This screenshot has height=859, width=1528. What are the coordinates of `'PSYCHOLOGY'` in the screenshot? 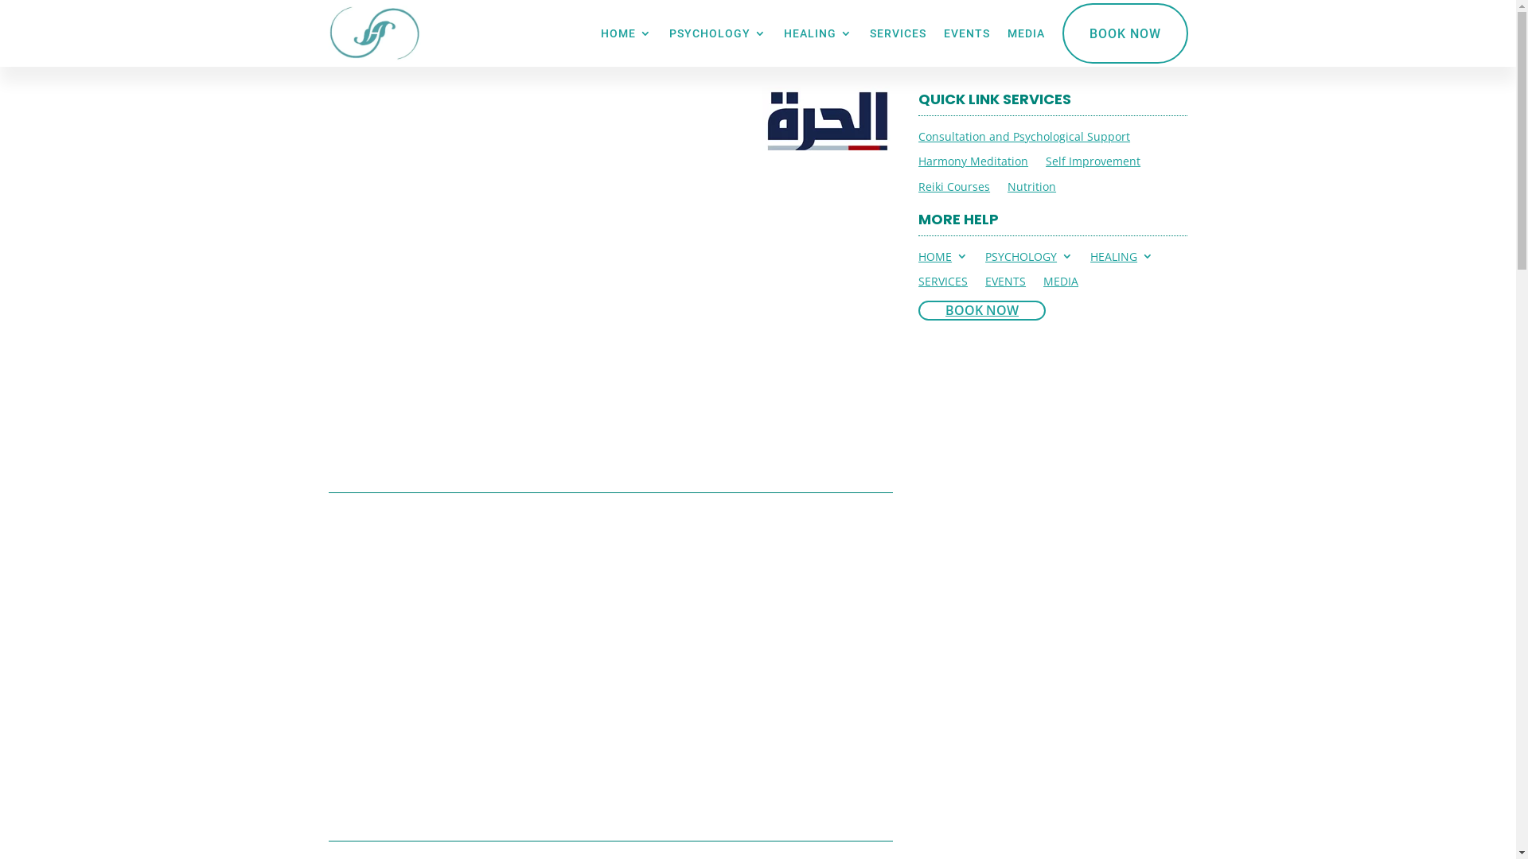 It's located at (1028, 258).